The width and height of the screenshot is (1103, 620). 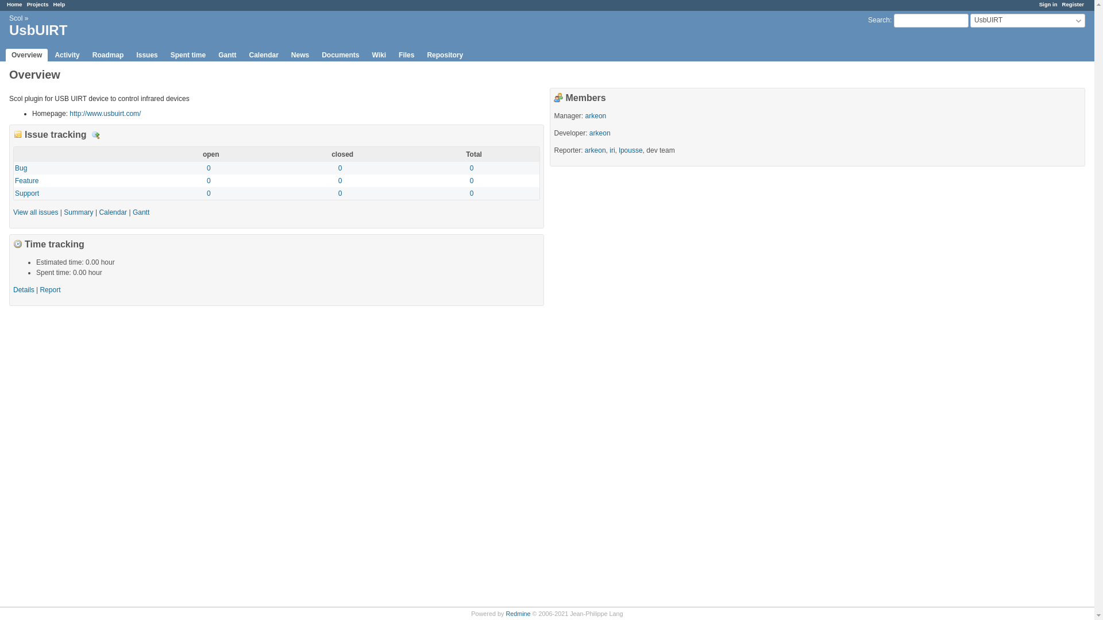 What do you see at coordinates (596, 115) in the screenshot?
I see `'arkeon'` at bounding box center [596, 115].